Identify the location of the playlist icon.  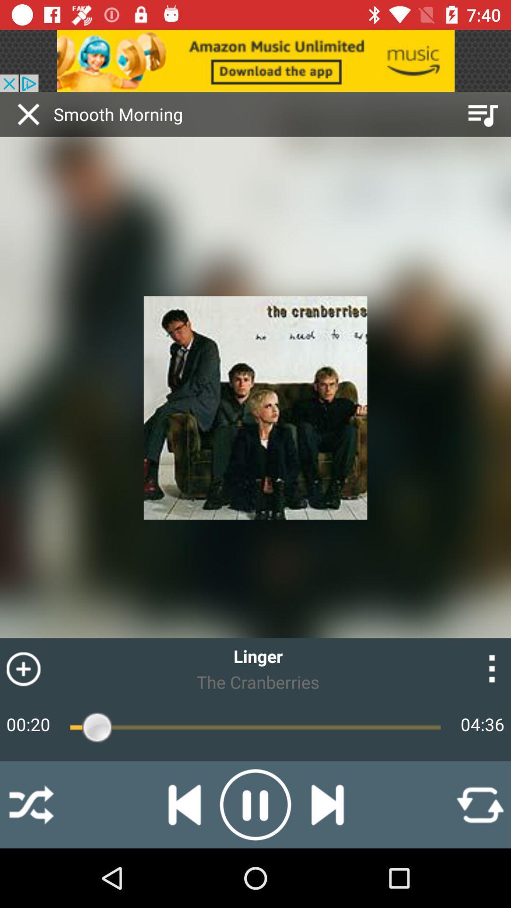
(482, 113).